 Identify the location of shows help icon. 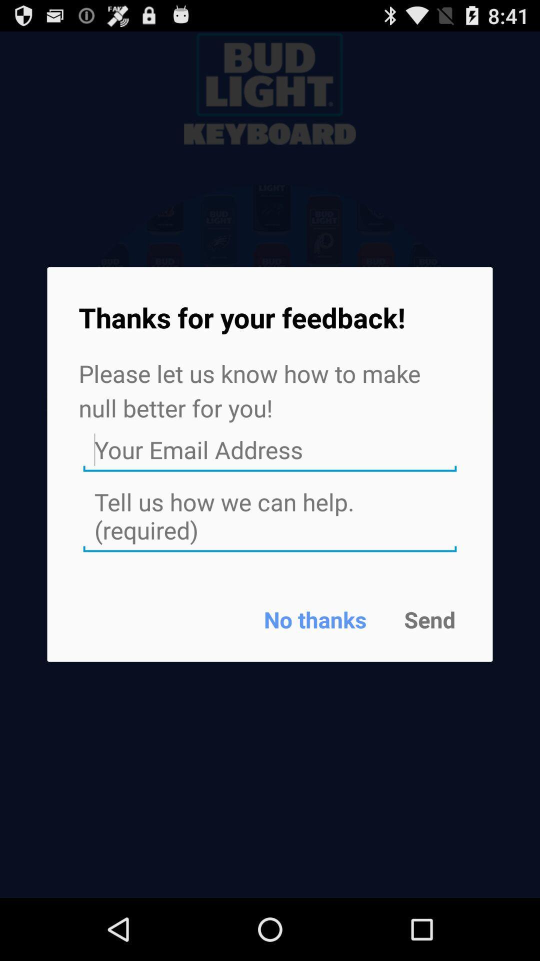
(270, 517).